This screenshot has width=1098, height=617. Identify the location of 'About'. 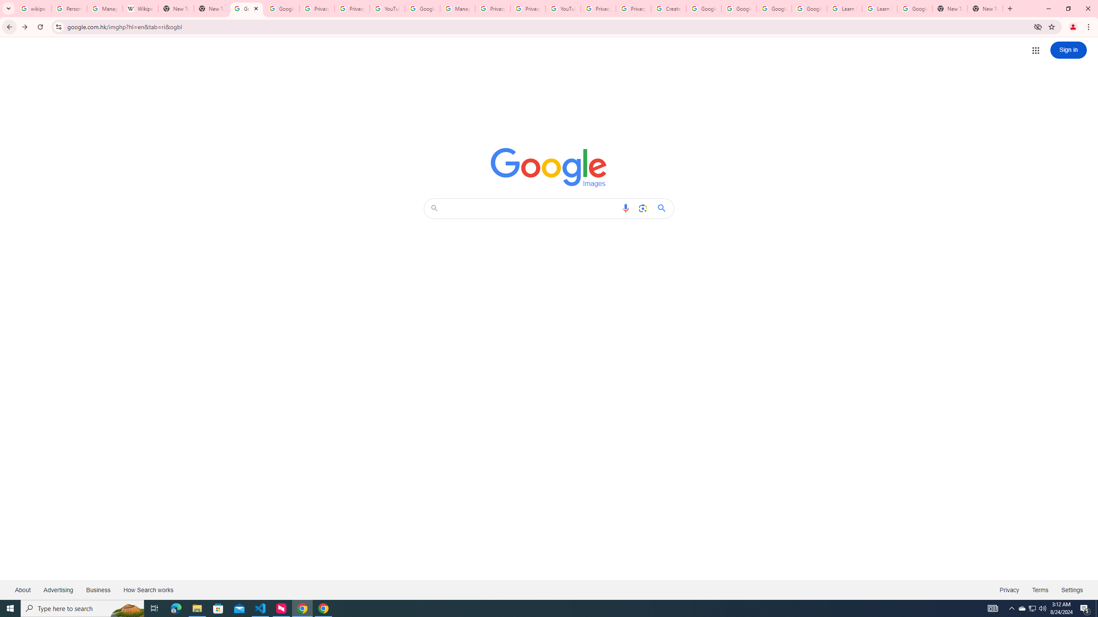
(22, 589).